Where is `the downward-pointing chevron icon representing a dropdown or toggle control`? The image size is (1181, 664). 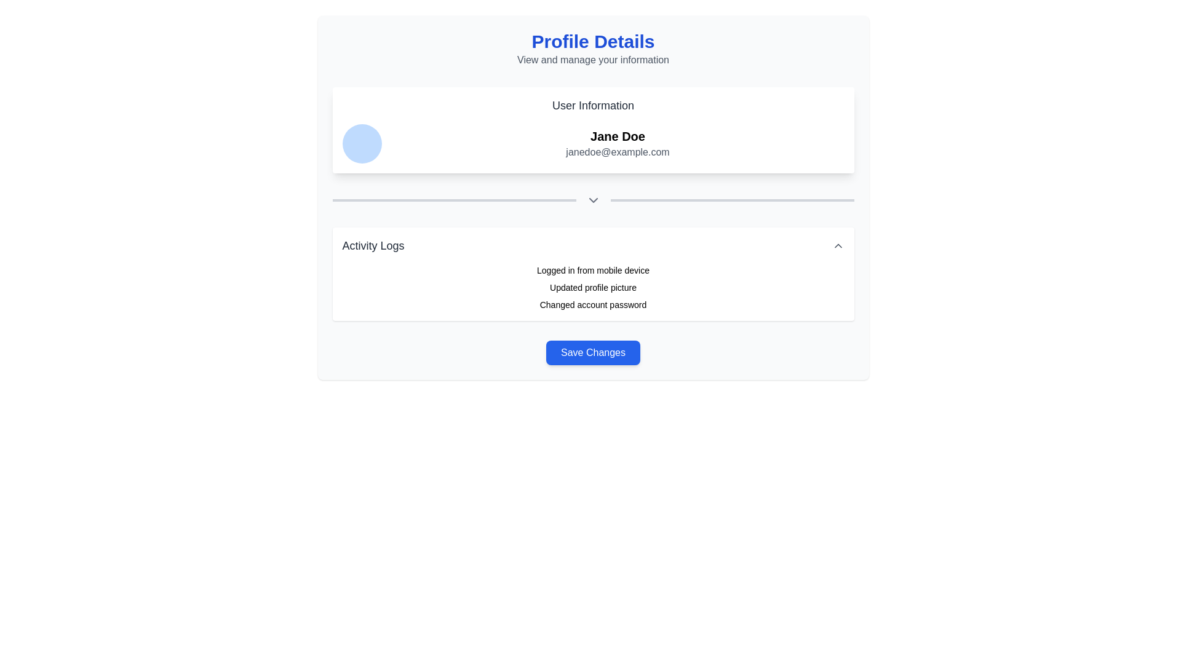
the downward-pointing chevron icon representing a dropdown or toggle control is located at coordinates (593, 200).